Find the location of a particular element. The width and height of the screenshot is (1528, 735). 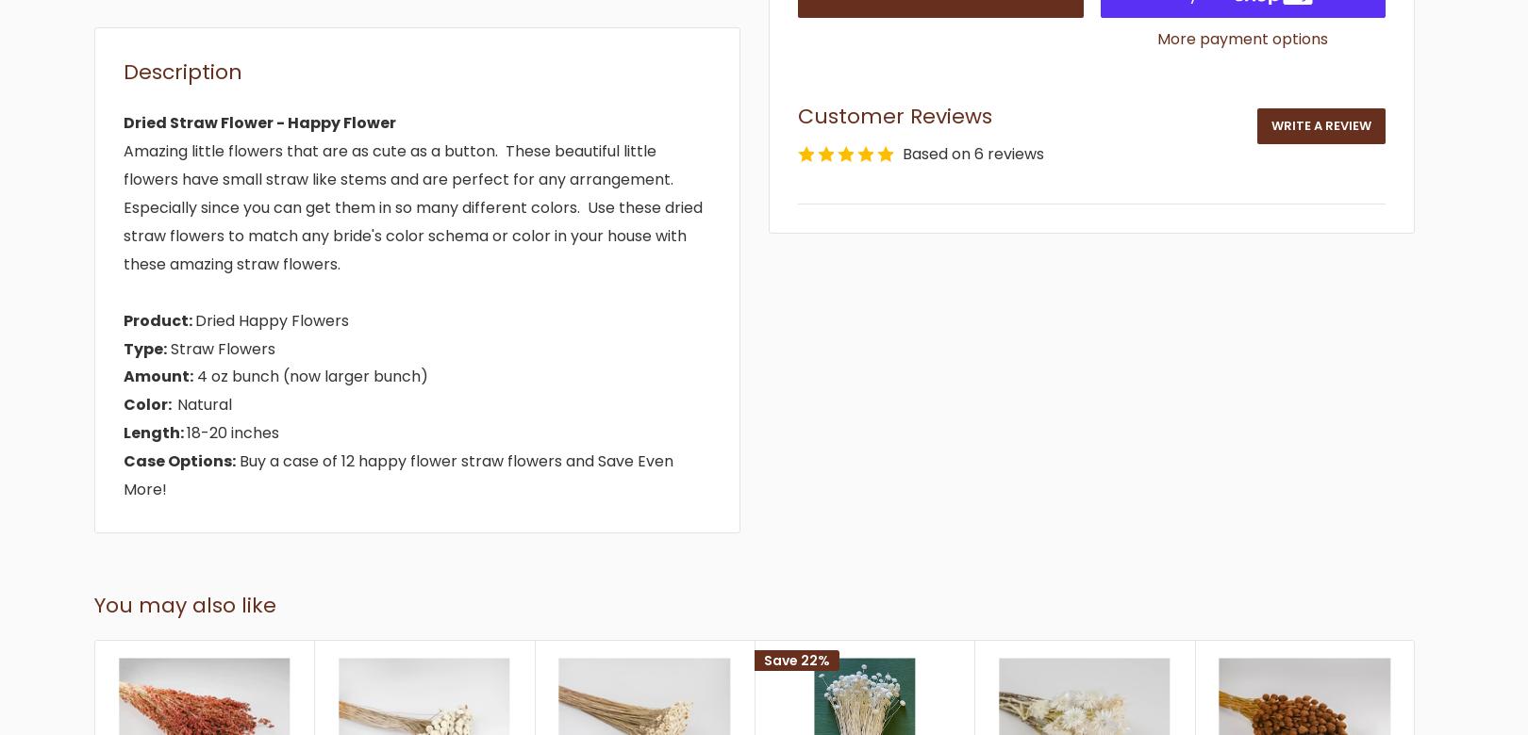

'Color:' is located at coordinates (150, 404).